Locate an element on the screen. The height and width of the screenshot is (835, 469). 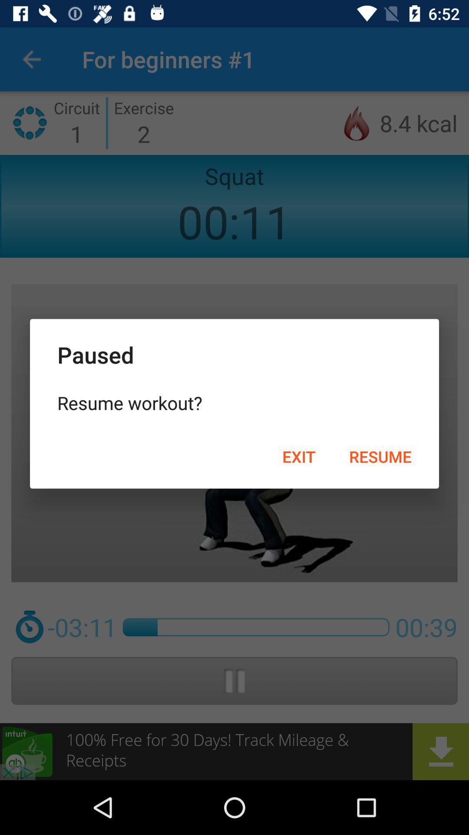
the facebook icon is located at coordinates (18, 19).